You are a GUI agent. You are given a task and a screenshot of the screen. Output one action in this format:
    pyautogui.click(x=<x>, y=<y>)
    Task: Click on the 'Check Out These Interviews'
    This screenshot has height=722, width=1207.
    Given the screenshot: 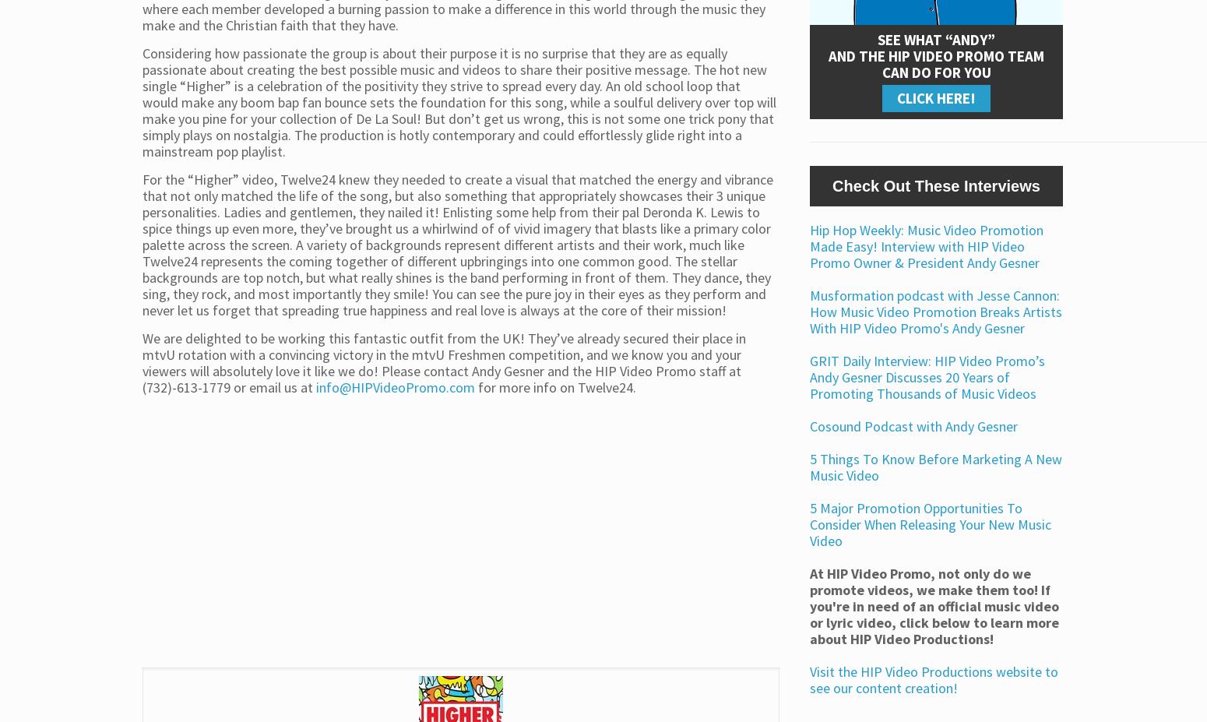 What is the action you would take?
    pyautogui.click(x=936, y=185)
    